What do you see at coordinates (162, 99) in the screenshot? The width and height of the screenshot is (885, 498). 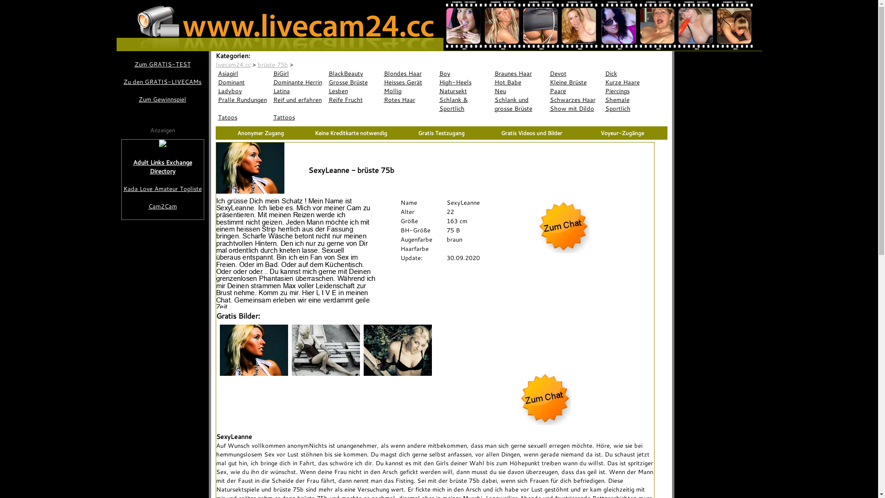 I see `'Zum Gewinnspiel'` at bounding box center [162, 99].